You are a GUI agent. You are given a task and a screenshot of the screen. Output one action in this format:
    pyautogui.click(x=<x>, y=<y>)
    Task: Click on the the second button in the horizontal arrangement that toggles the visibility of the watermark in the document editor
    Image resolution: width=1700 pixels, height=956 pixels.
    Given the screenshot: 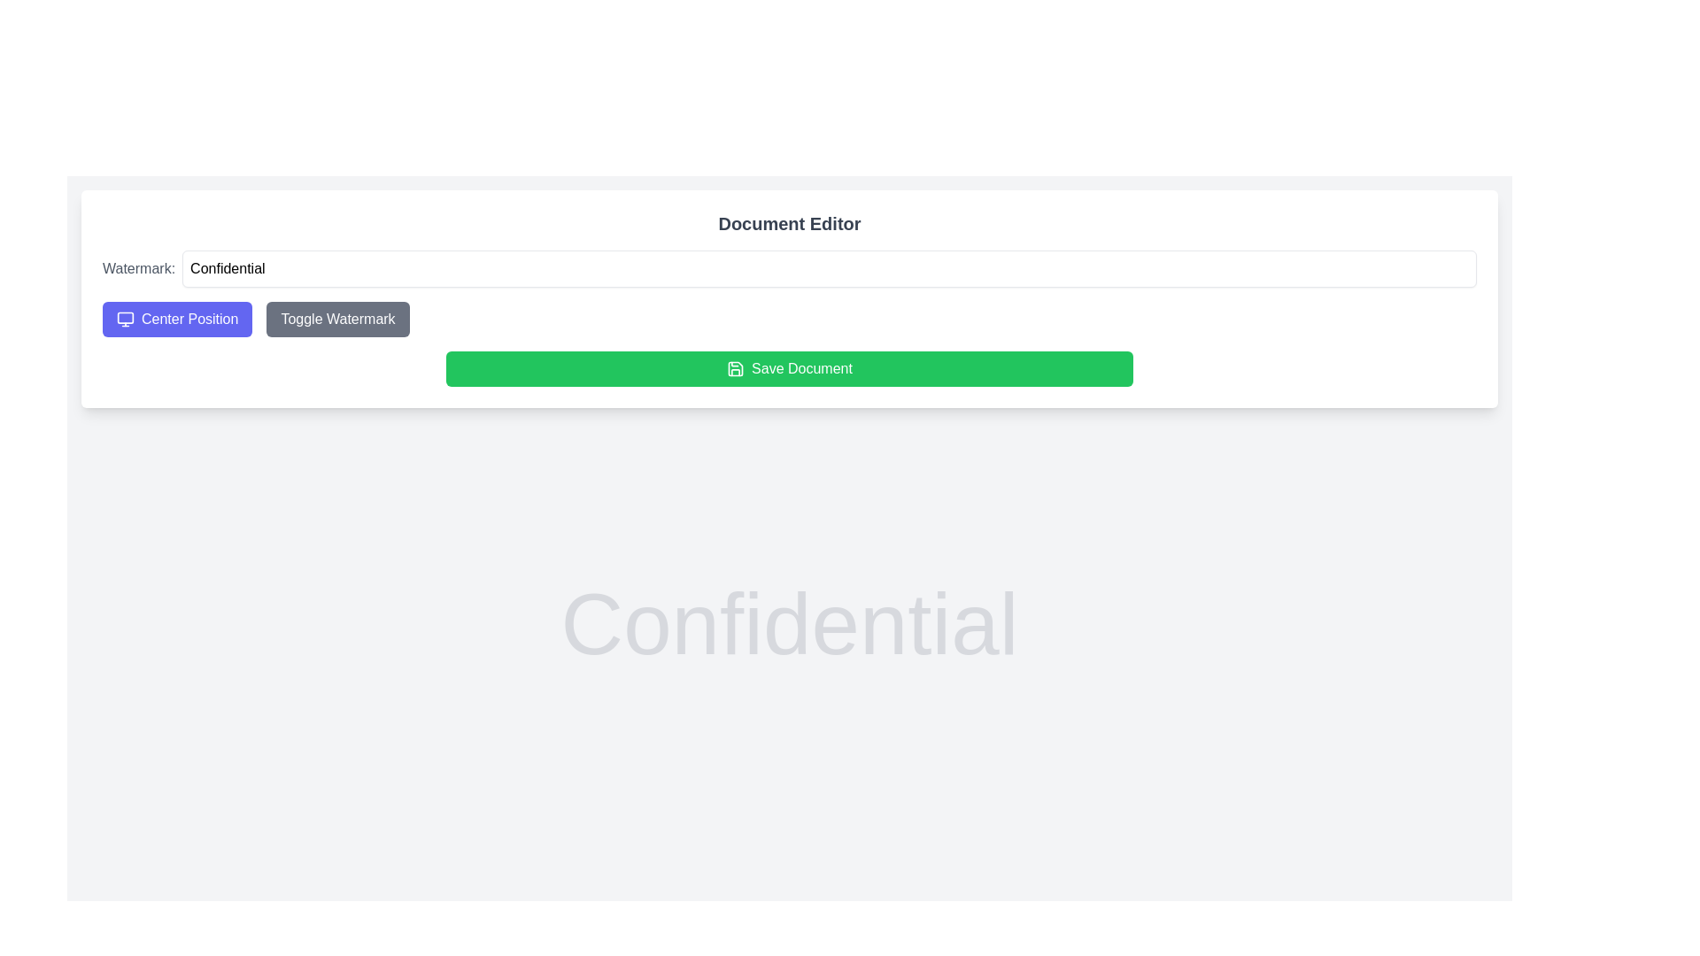 What is the action you would take?
    pyautogui.click(x=338, y=320)
    